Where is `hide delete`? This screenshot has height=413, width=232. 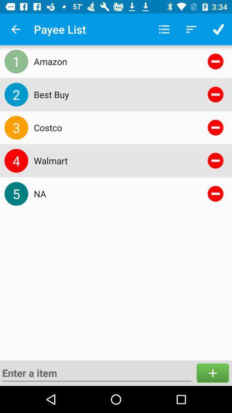
hide delete is located at coordinates (215, 94).